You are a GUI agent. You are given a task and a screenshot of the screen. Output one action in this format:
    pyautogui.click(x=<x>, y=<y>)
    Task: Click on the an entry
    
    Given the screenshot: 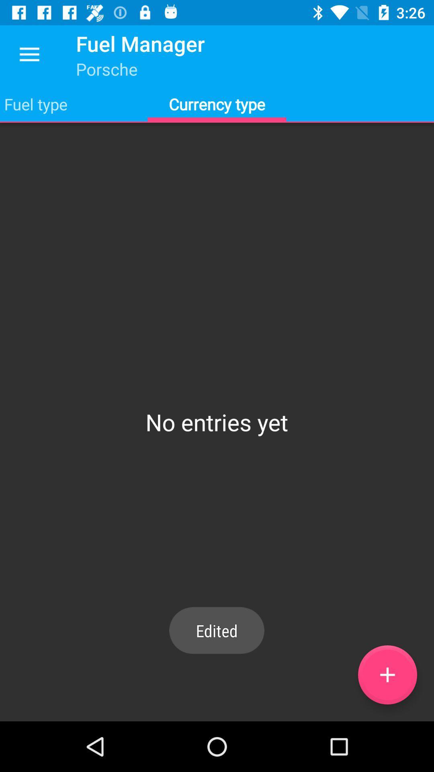 What is the action you would take?
    pyautogui.click(x=387, y=675)
    